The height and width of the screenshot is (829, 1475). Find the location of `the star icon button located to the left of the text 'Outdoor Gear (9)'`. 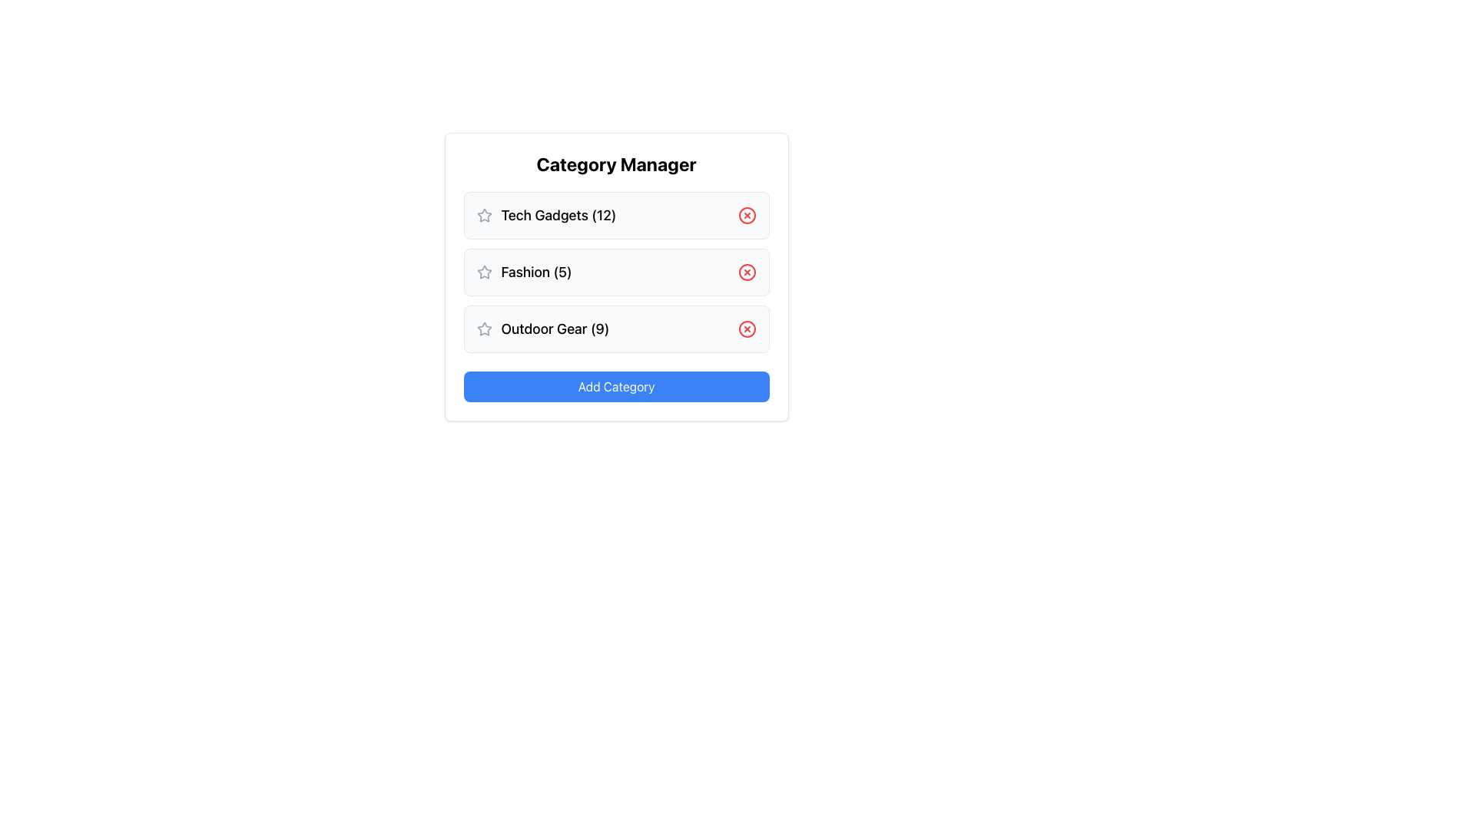

the star icon button located to the left of the text 'Outdoor Gear (9)' is located at coordinates (483, 328).